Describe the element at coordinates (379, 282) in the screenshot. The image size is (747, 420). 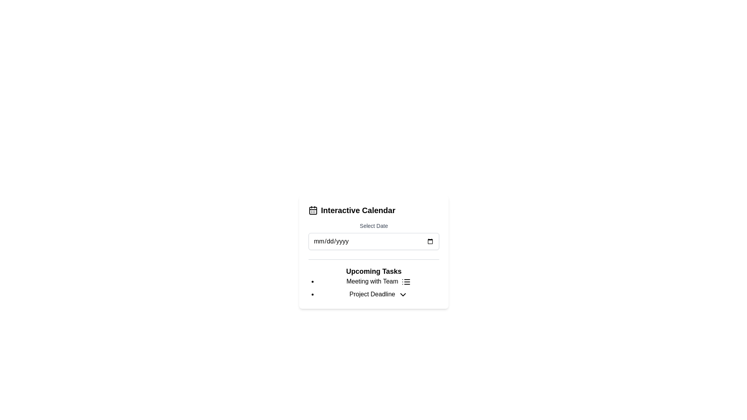
I see `the 'Meeting with Team' task in the Upcoming Tasks list` at that location.